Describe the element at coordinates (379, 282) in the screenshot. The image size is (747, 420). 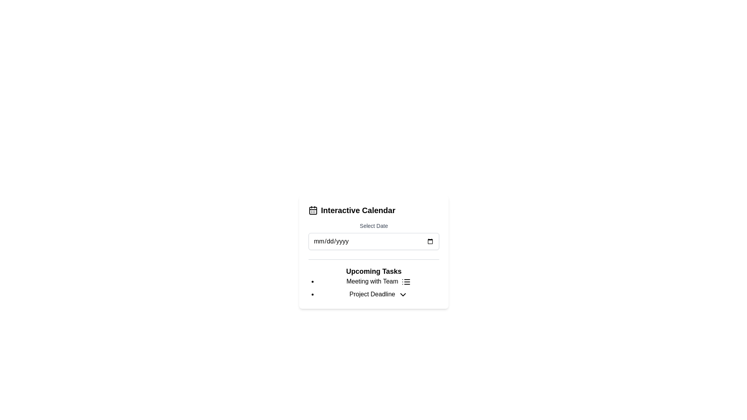
I see `the 'Meeting with Team' task in the Upcoming Tasks list` at that location.